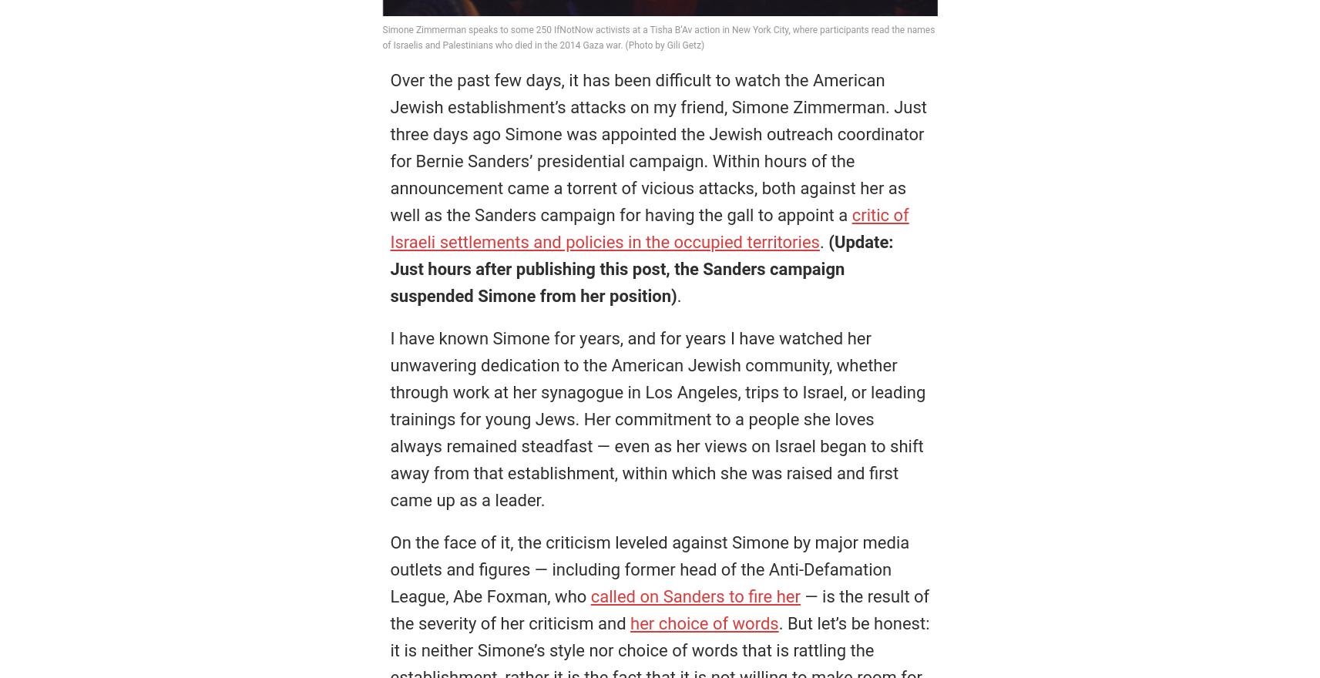 The height and width of the screenshot is (678, 1320). What do you see at coordinates (658, 610) in the screenshot?
I see `'— is the result of the severity of her criticism and'` at bounding box center [658, 610].